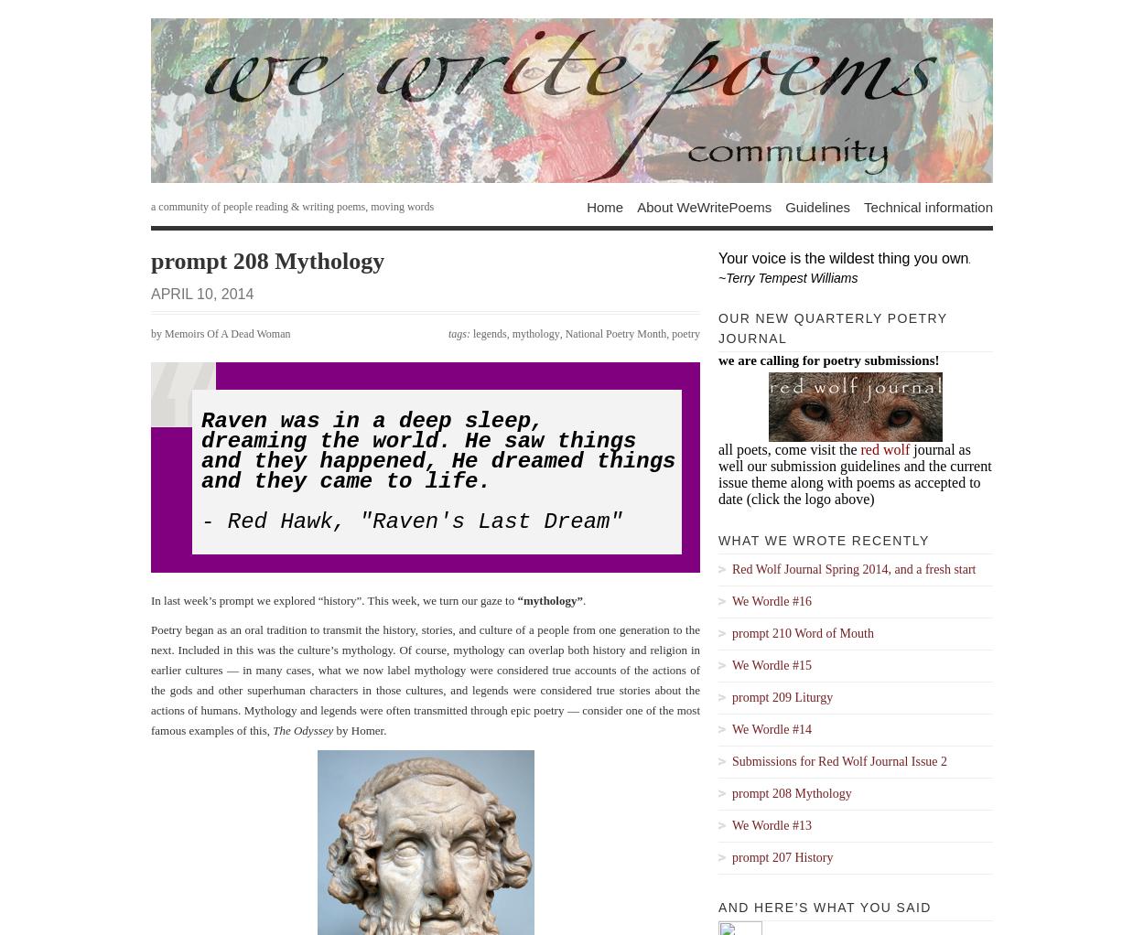  What do you see at coordinates (302, 729) in the screenshot?
I see `'The Odyssey'` at bounding box center [302, 729].